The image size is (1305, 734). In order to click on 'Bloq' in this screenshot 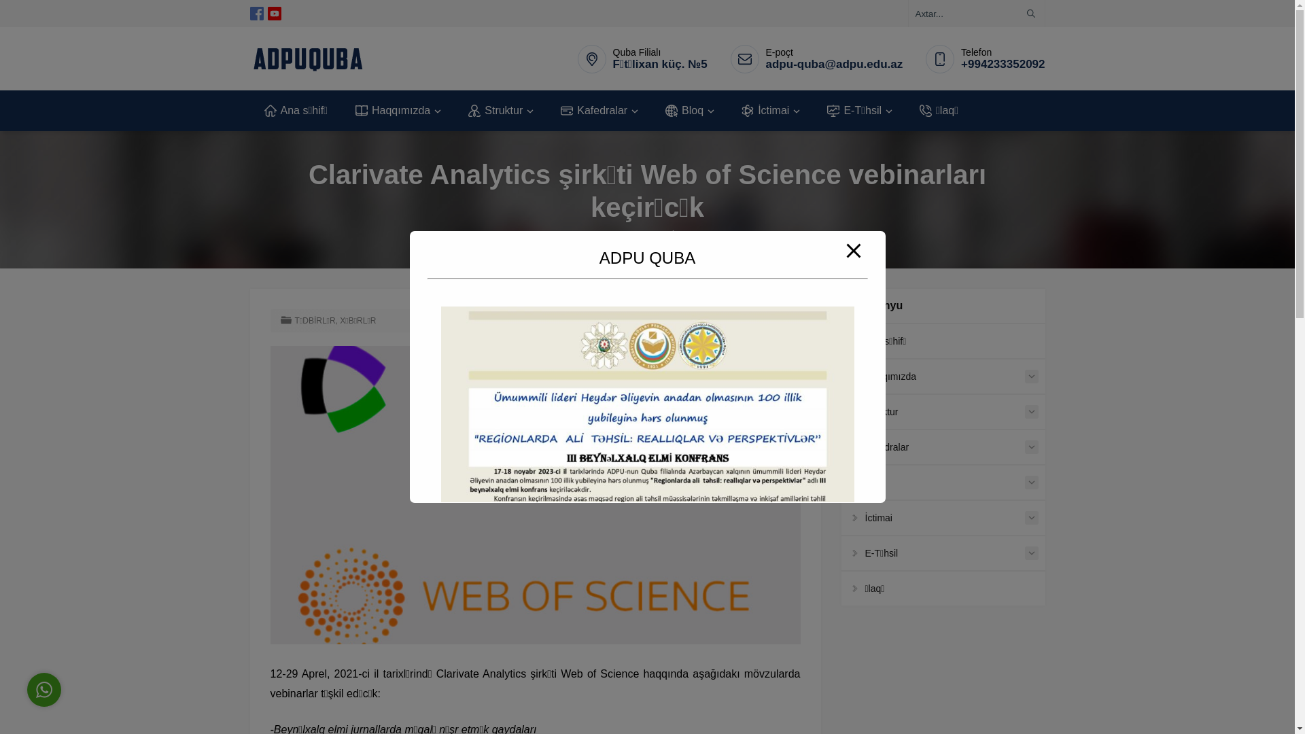, I will do `click(942, 481)`.